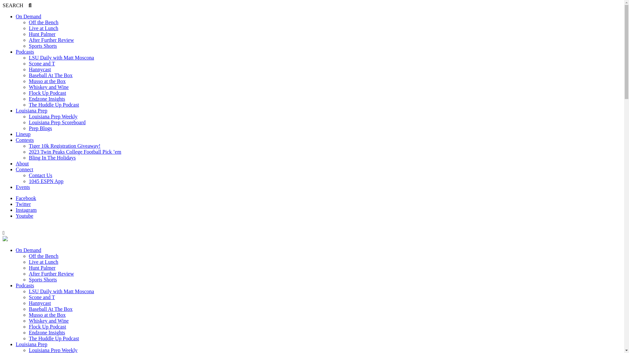 The height and width of the screenshot is (353, 629). I want to click on 'Sports Shorts', so click(42, 45).